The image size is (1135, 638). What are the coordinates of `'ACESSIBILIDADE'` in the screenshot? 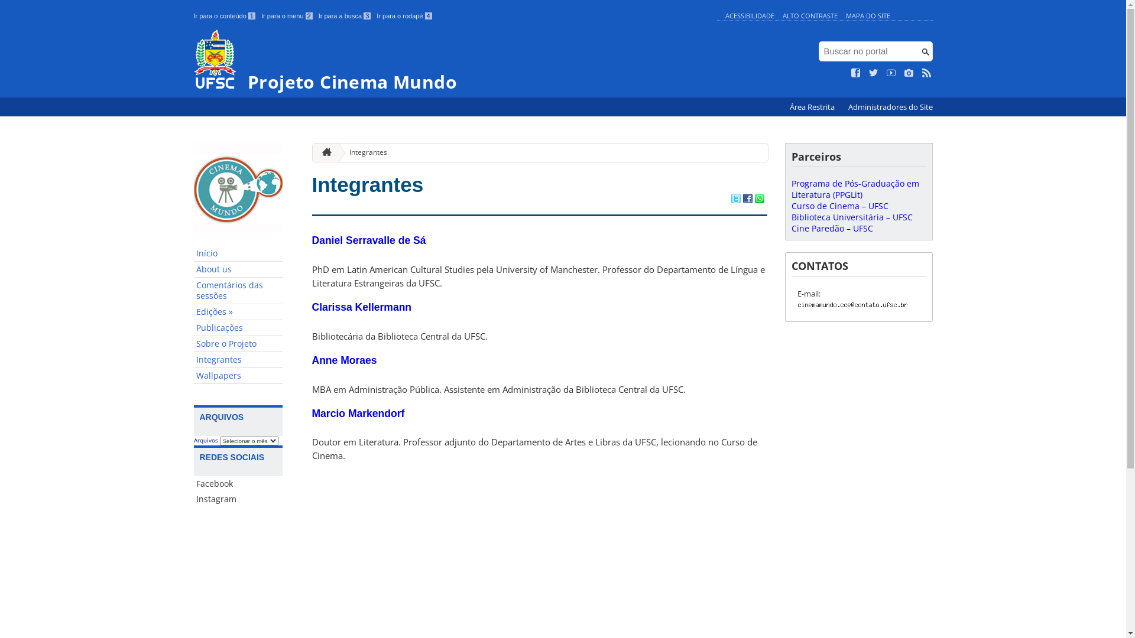 It's located at (748, 15).